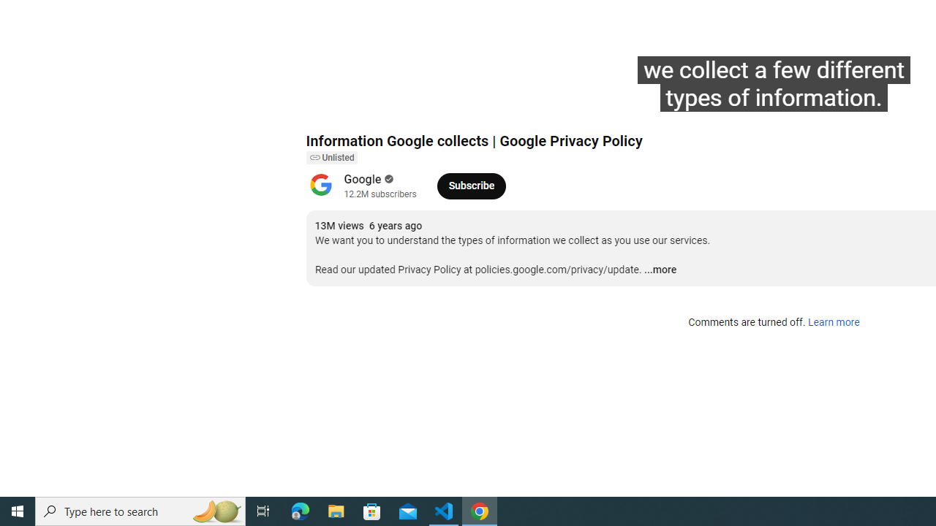 This screenshot has width=936, height=526. Describe the element at coordinates (401, 103) in the screenshot. I see `'Mute (m)'` at that location.